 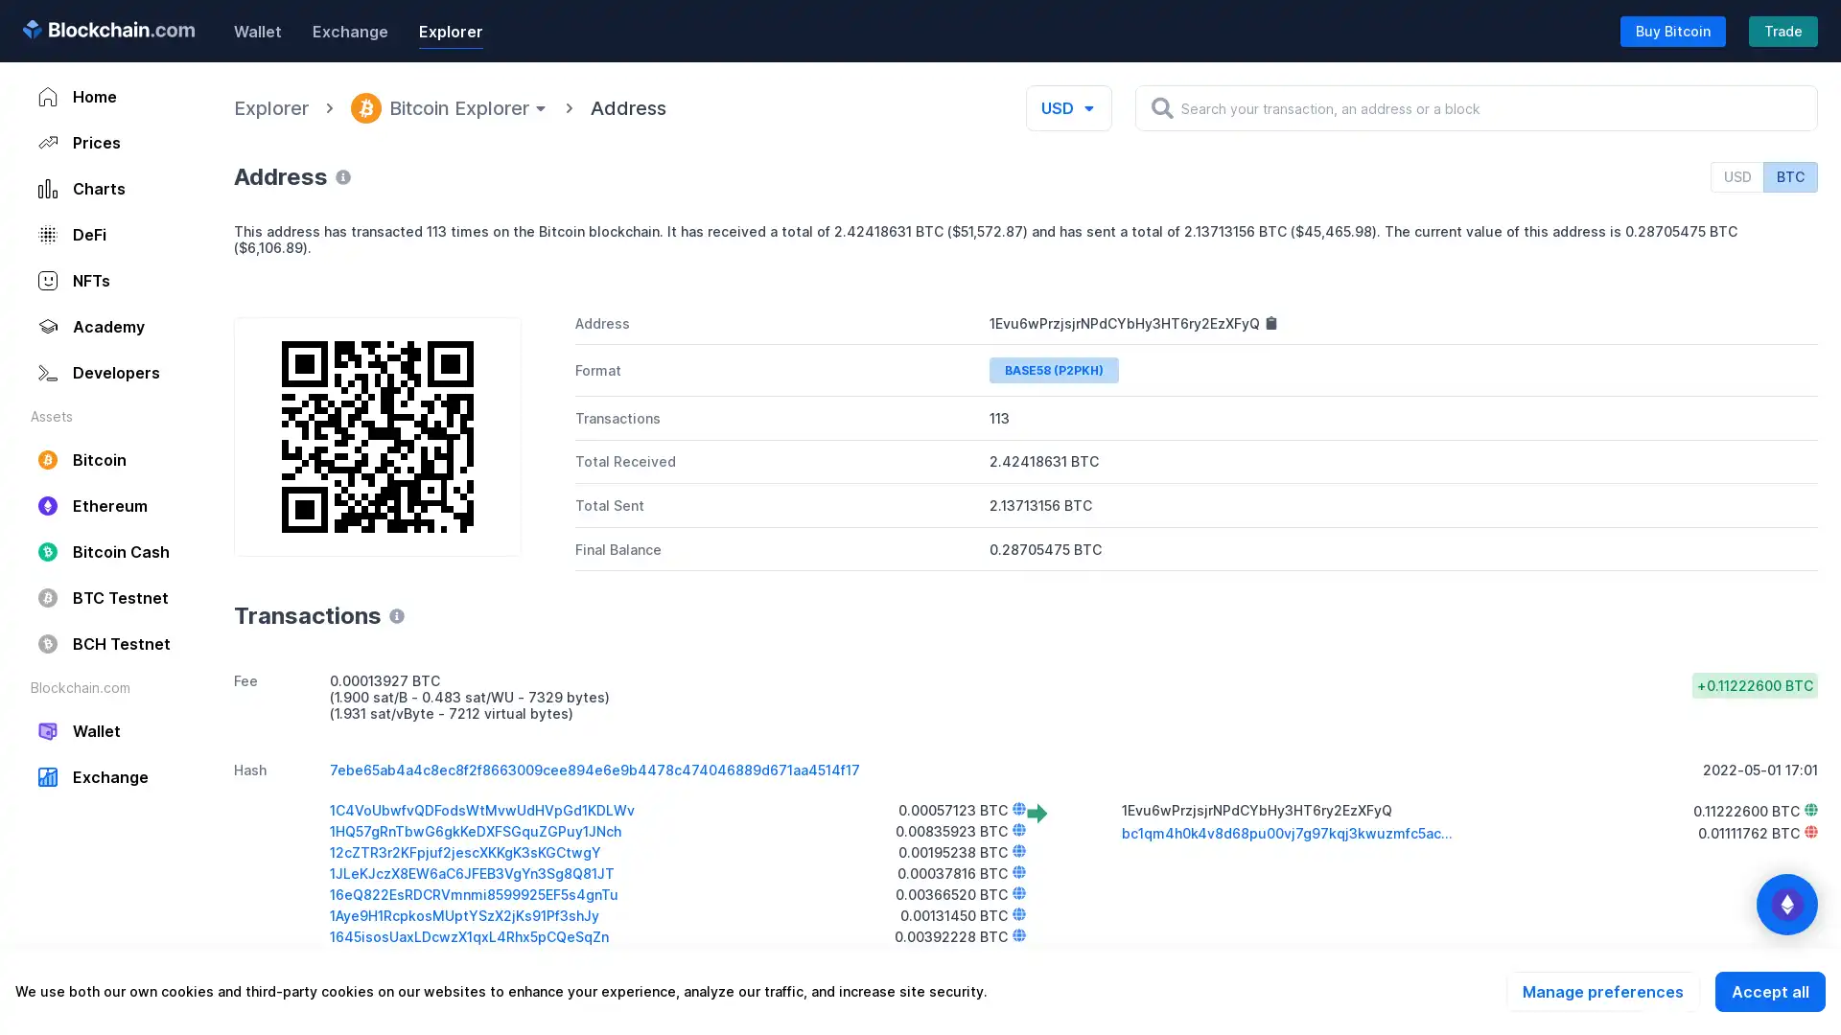 What do you see at coordinates (1785, 905) in the screenshot?
I see `alternating coins` at bounding box center [1785, 905].